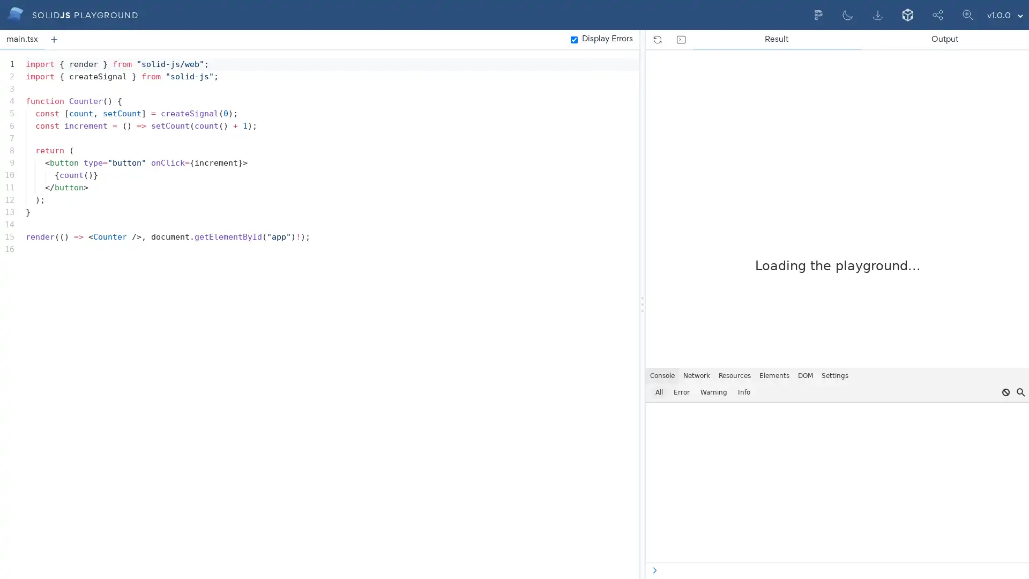  I want to click on Result, so click(777, 39).